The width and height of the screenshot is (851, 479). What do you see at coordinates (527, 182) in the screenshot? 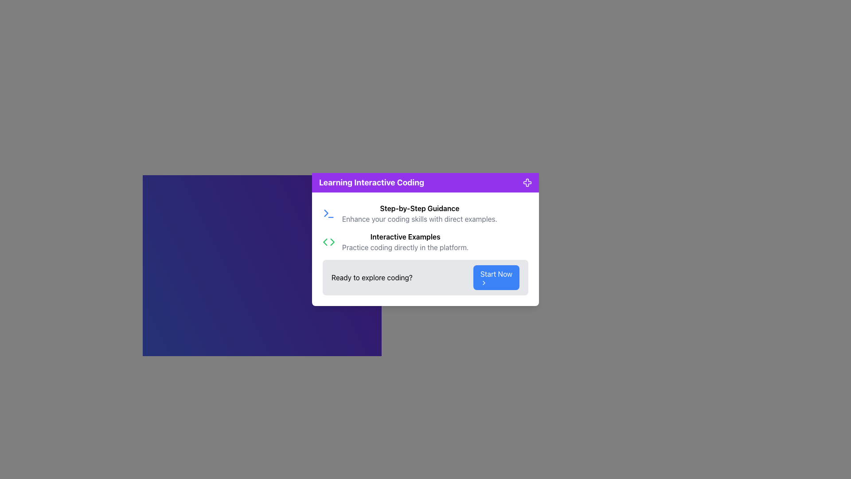
I see `the small, purple cross-shaped icon located at the far right of the purple header bar labeled 'Learning Interactive Coding'` at bounding box center [527, 182].